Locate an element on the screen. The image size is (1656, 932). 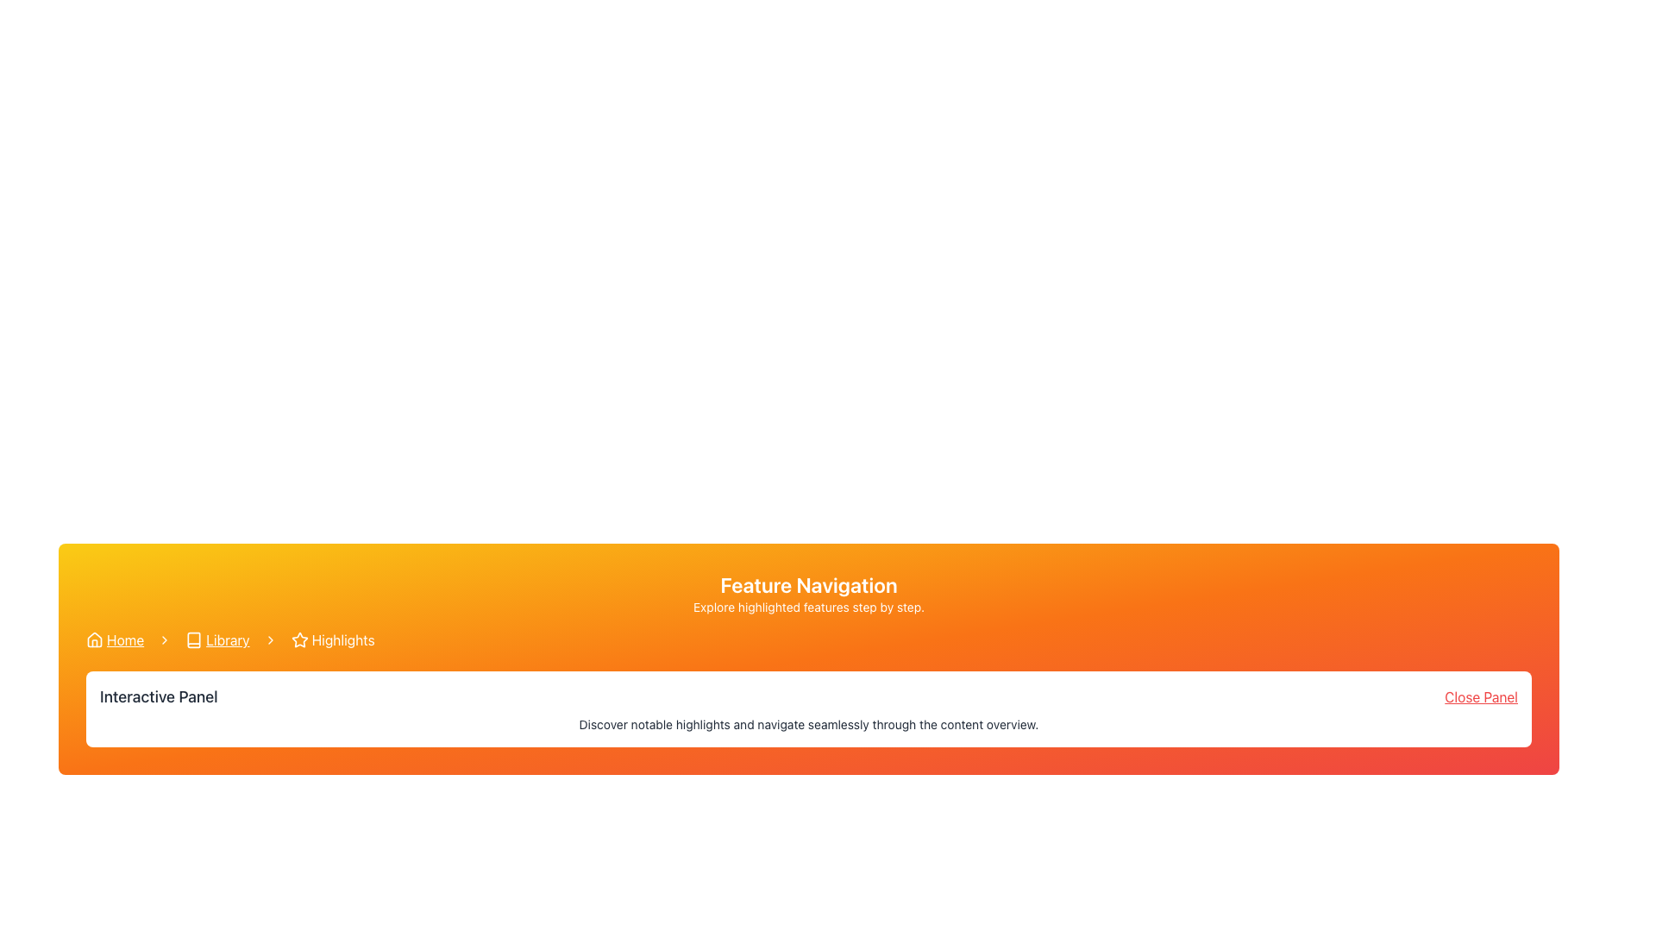
the 'Home' navigational link, which is styled with an underlined text label and a house icon on an orange background is located at coordinates (114, 639).